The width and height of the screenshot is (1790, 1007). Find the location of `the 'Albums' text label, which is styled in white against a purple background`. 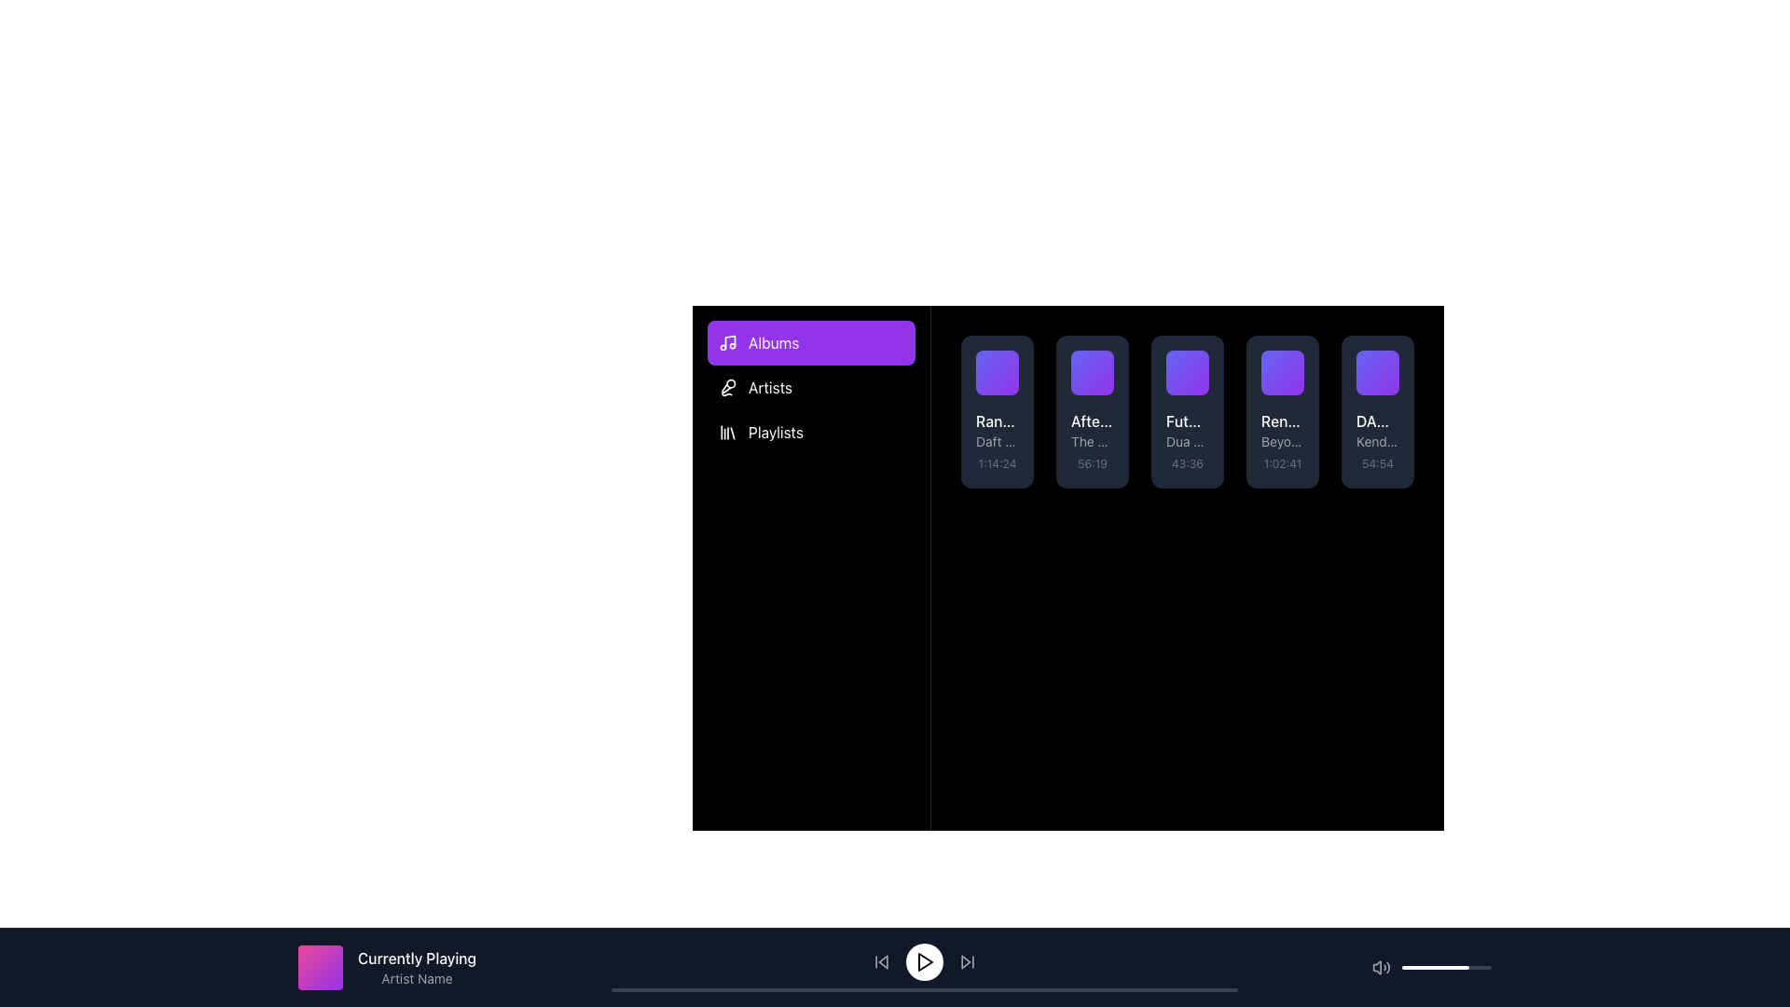

the 'Albums' text label, which is styled in white against a purple background is located at coordinates (774, 342).